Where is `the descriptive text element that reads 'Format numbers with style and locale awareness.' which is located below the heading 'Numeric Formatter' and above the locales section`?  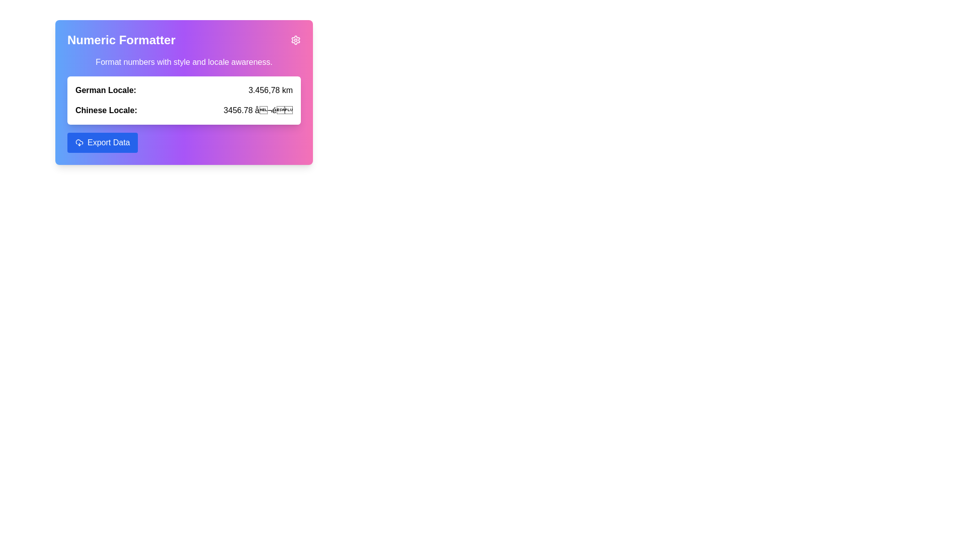
the descriptive text element that reads 'Format numbers with style and locale awareness.' which is located below the heading 'Numeric Formatter' and above the locales section is located at coordinates (184, 62).